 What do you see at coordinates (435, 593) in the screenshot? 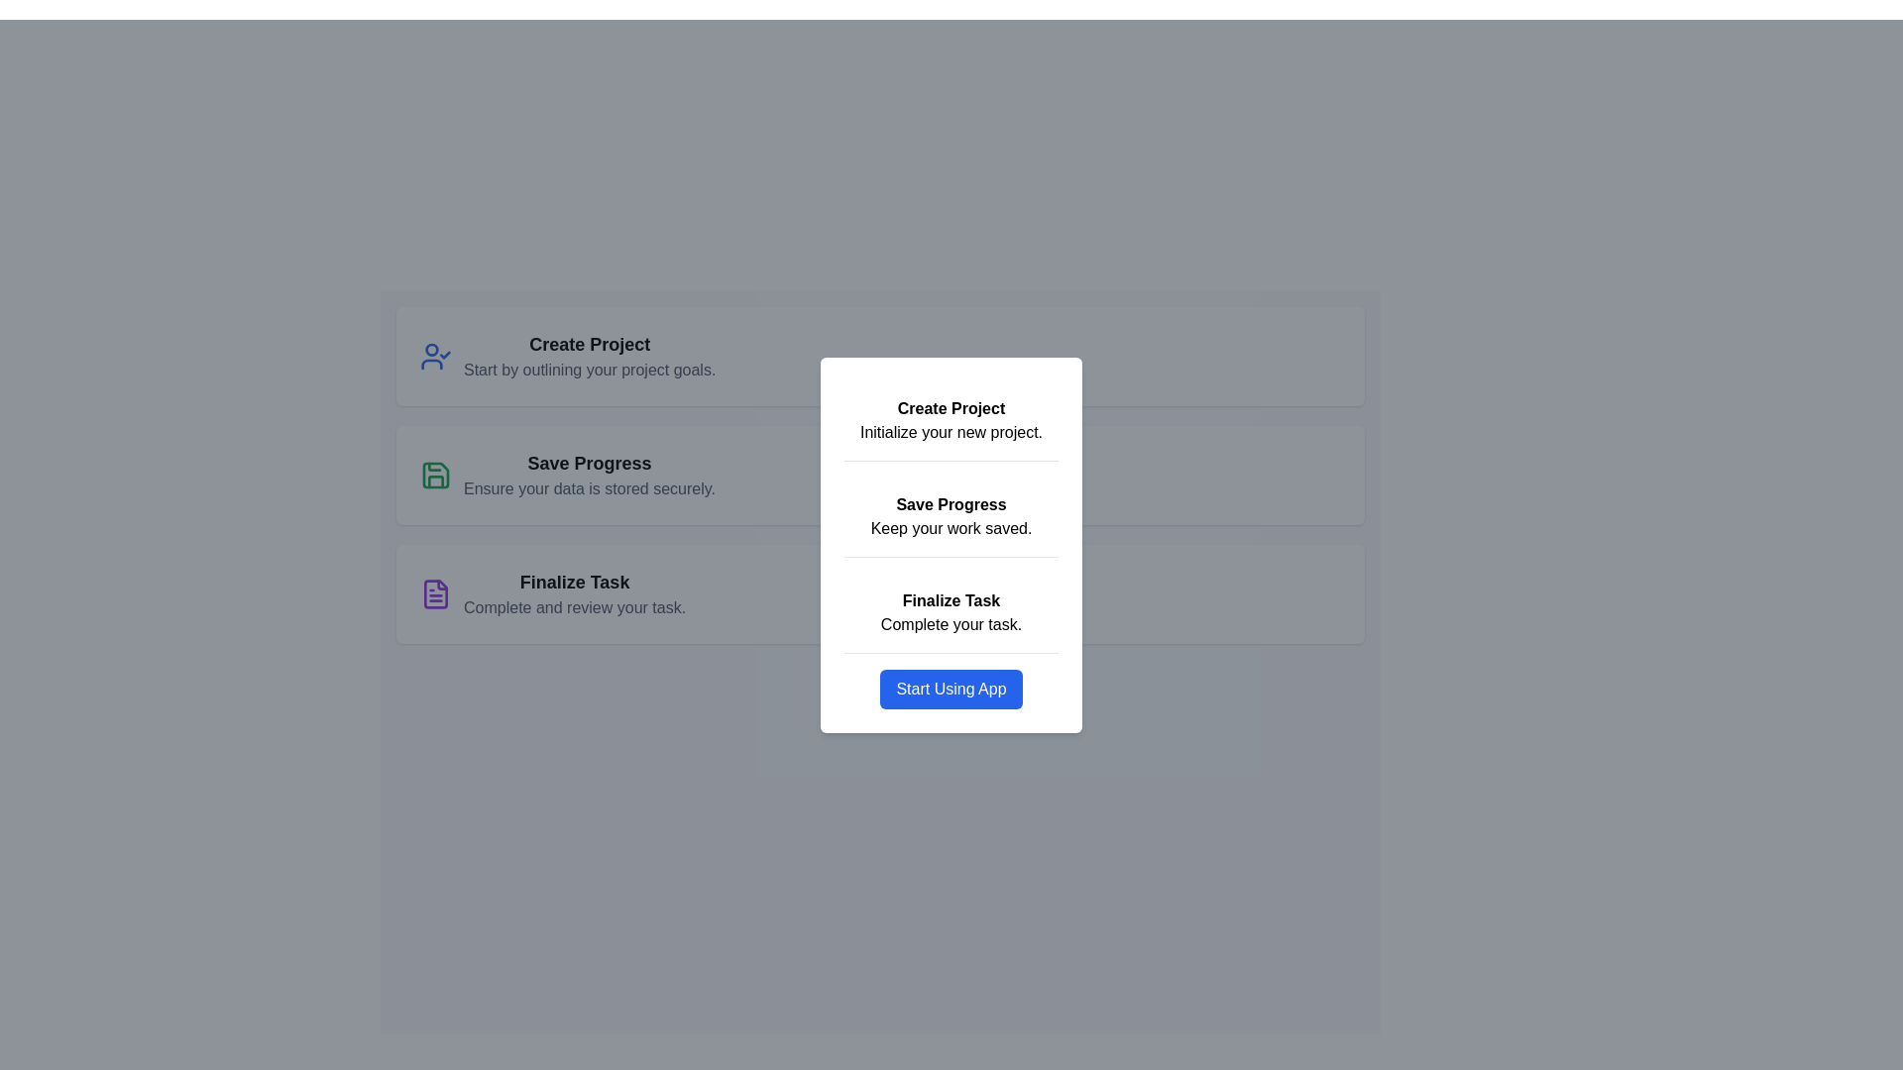
I see `the 'Finalize Task' icon, which visually signifies task finalization or document representation, located in the third row of a vertical list of options` at bounding box center [435, 593].